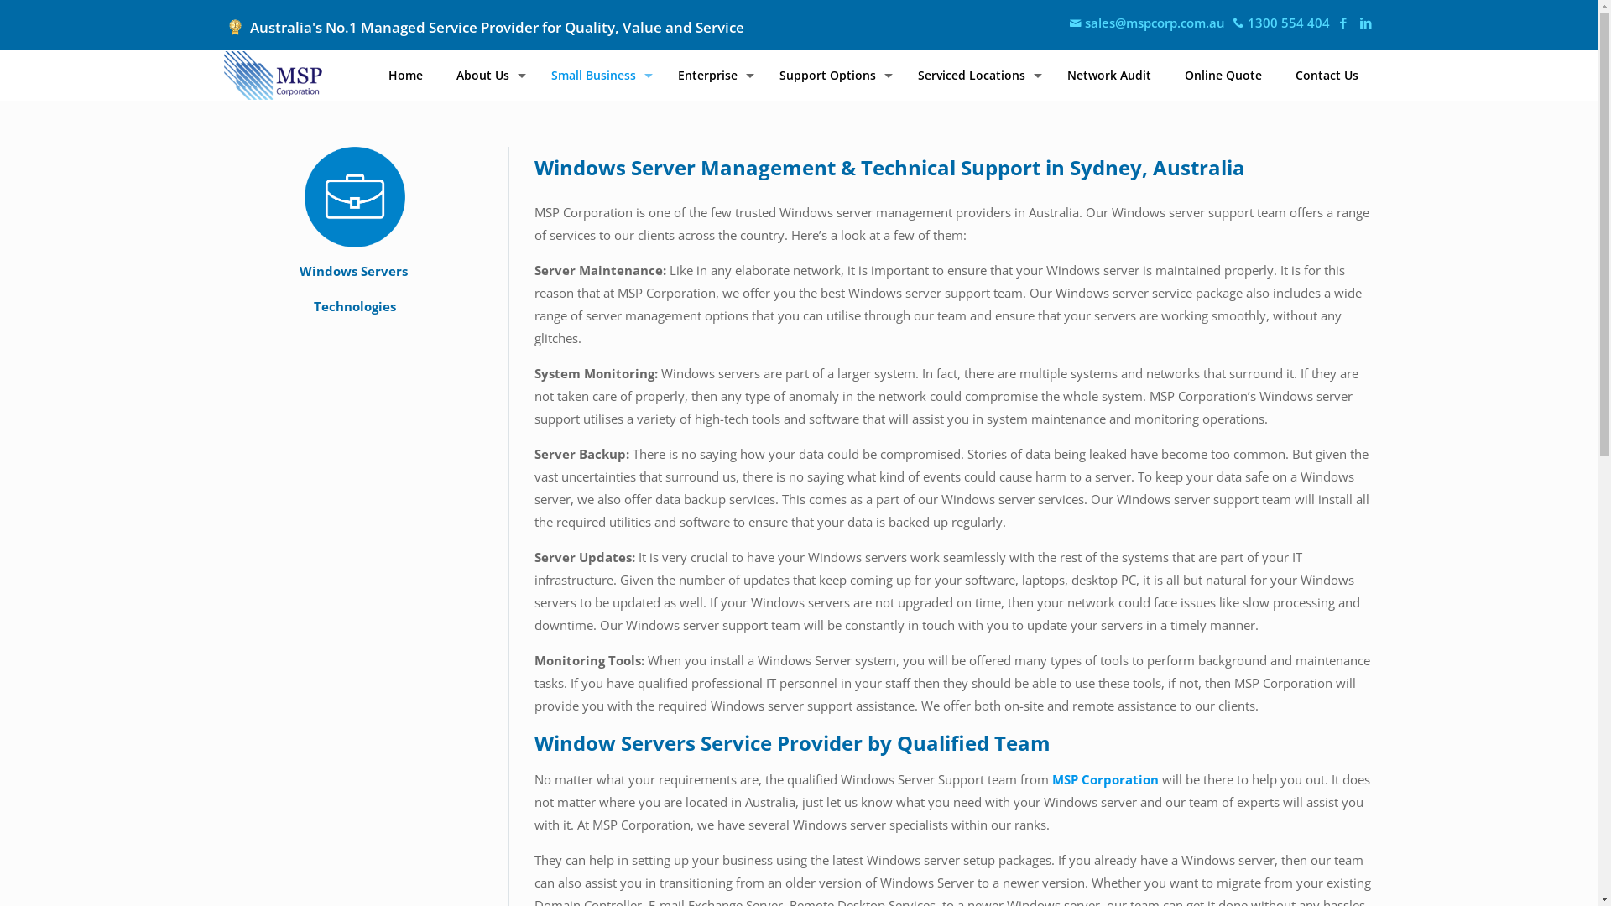 This screenshot has width=1611, height=906. I want to click on 'Network Audit', so click(1050, 74).